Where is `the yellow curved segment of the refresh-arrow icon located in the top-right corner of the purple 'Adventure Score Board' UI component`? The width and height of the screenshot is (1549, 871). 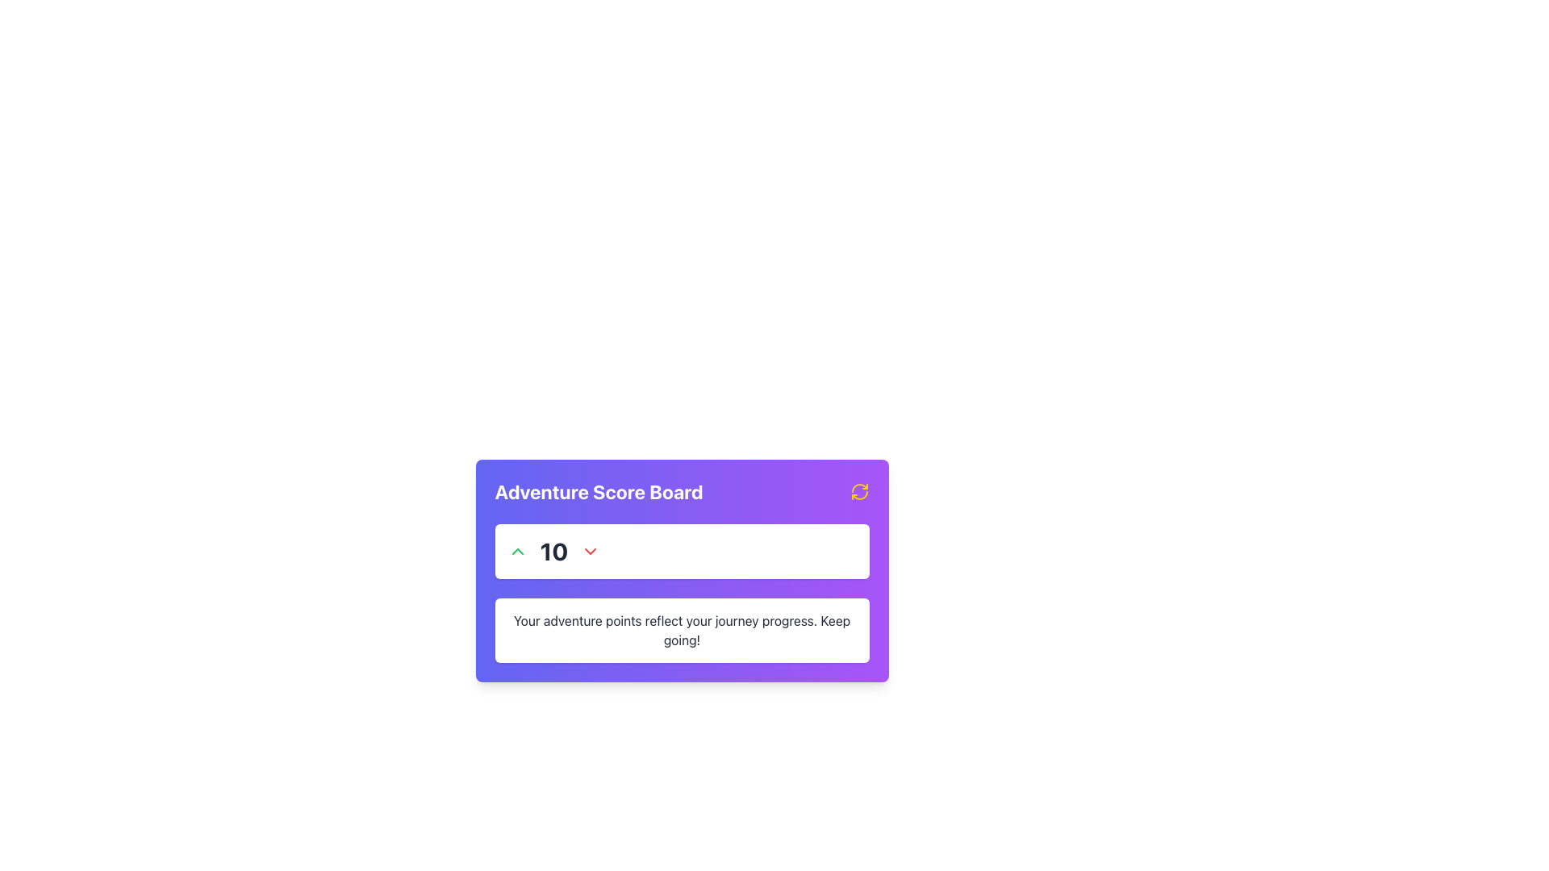 the yellow curved segment of the refresh-arrow icon located in the top-right corner of the purple 'Adventure Score Board' UI component is located at coordinates (858, 494).